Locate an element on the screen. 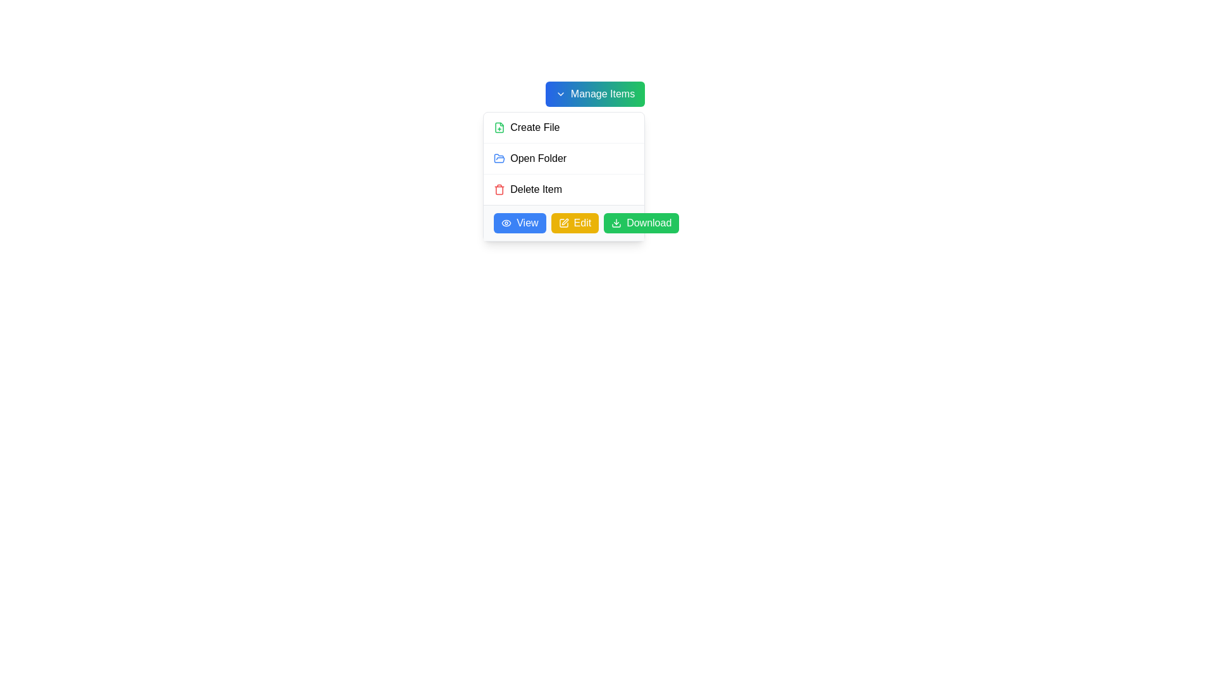  visual changes by focusing on the chevron icon located to the right of the 'Manage Items' button, which indicates additional options or a dropdown menu is located at coordinates (560, 94).